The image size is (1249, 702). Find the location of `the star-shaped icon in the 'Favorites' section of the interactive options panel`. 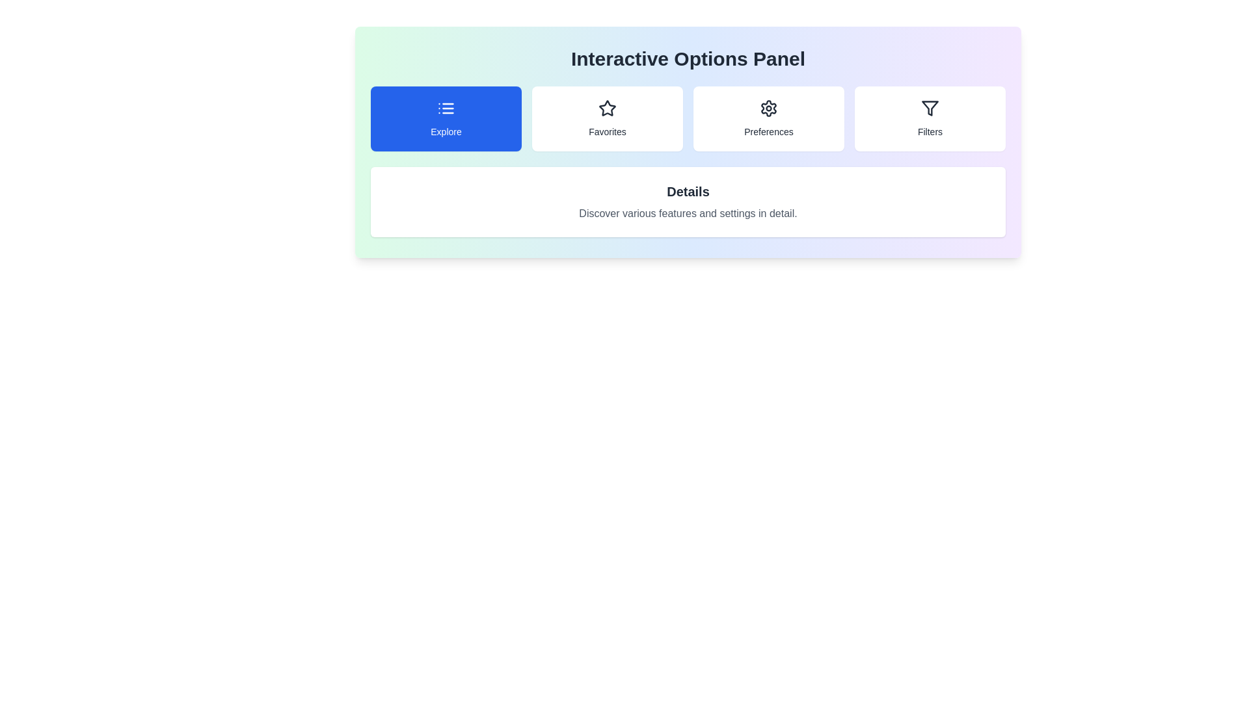

the star-shaped icon in the 'Favorites' section of the interactive options panel is located at coordinates (607, 107).